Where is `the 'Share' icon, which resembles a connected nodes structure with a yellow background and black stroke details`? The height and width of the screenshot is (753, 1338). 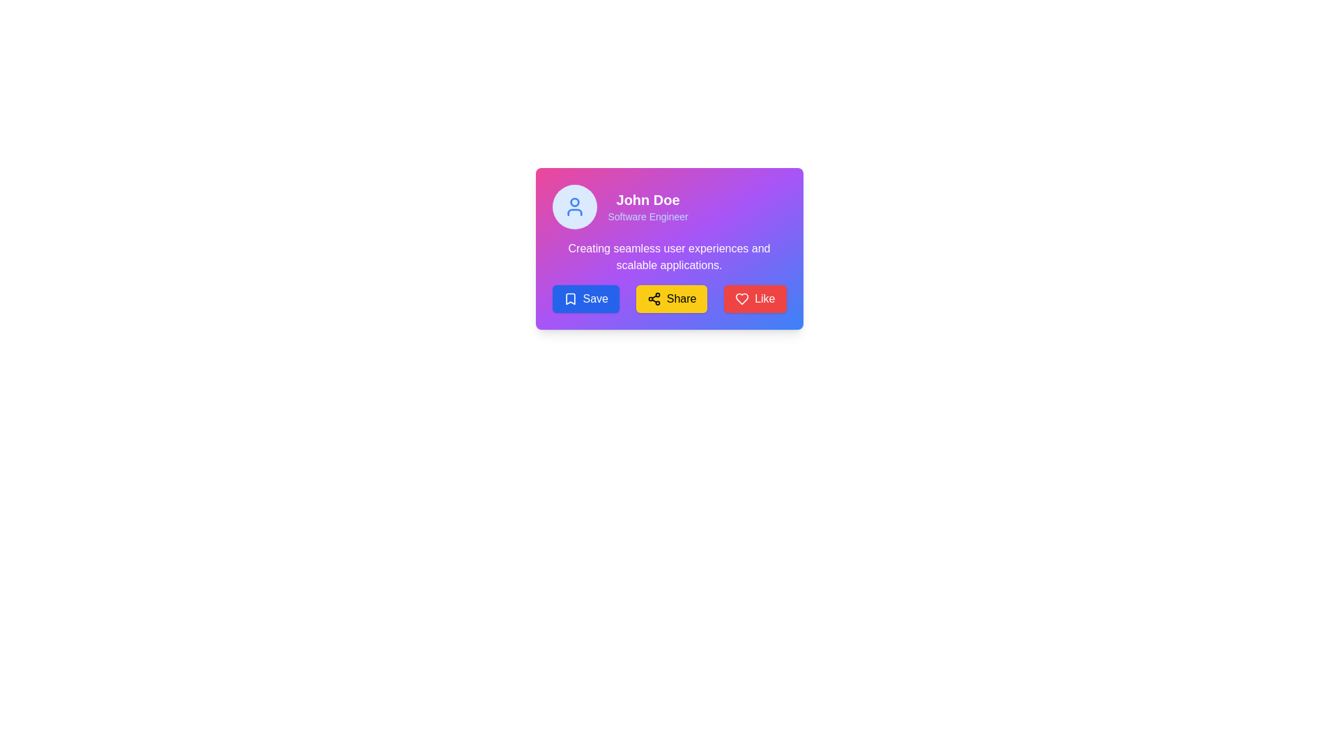 the 'Share' icon, which resembles a connected nodes structure with a yellow background and black stroke details is located at coordinates (653, 298).